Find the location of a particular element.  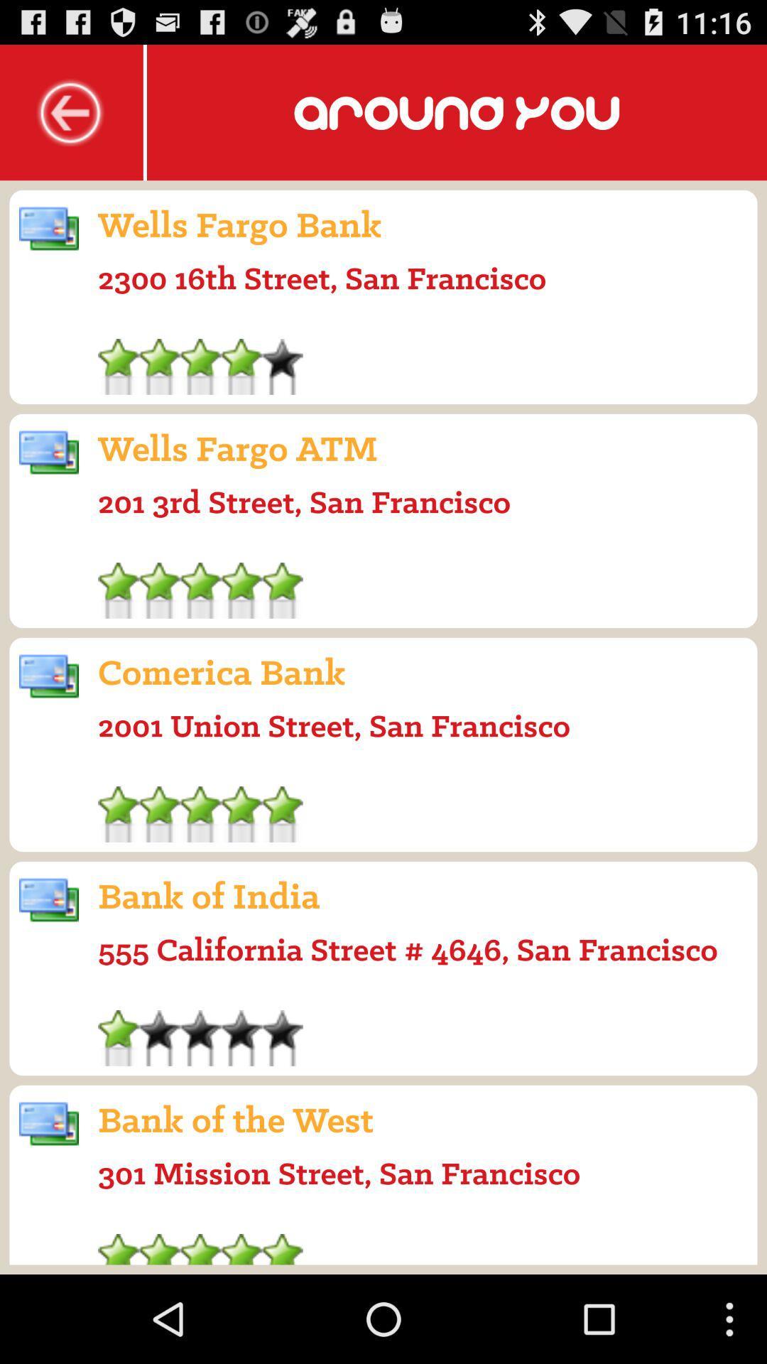

app below comerica bank icon is located at coordinates (334, 725).